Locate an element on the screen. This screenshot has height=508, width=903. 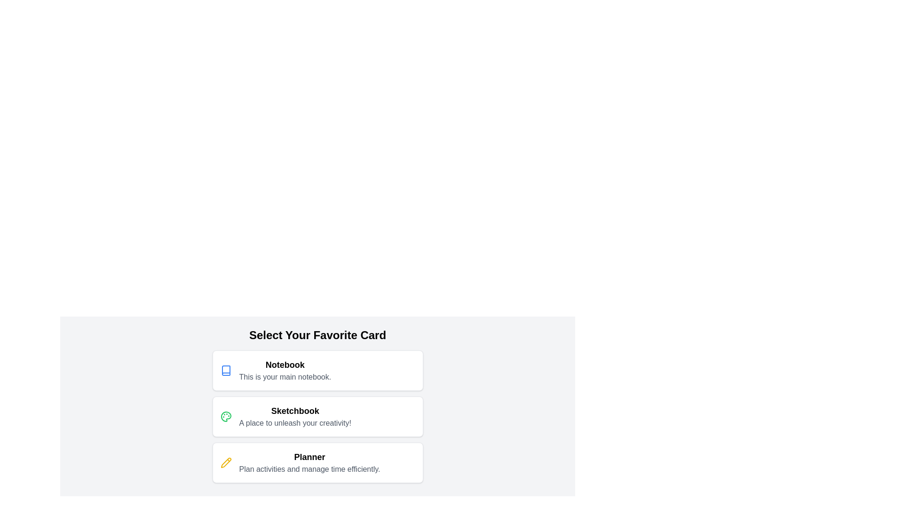
the text block at the top of the card that describes the 'Notebook' option is located at coordinates (285, 370).